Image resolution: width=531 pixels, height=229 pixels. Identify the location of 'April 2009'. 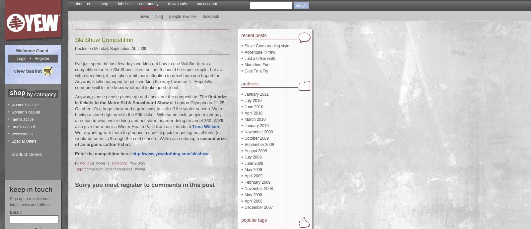
(254, 176).